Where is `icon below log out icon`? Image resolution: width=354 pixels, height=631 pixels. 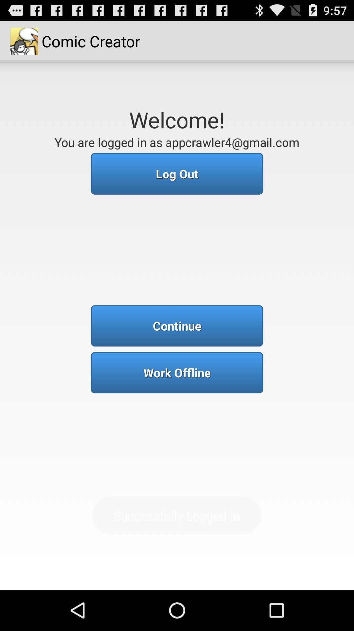
icon below log out icon is located at coordinates (177, 326).